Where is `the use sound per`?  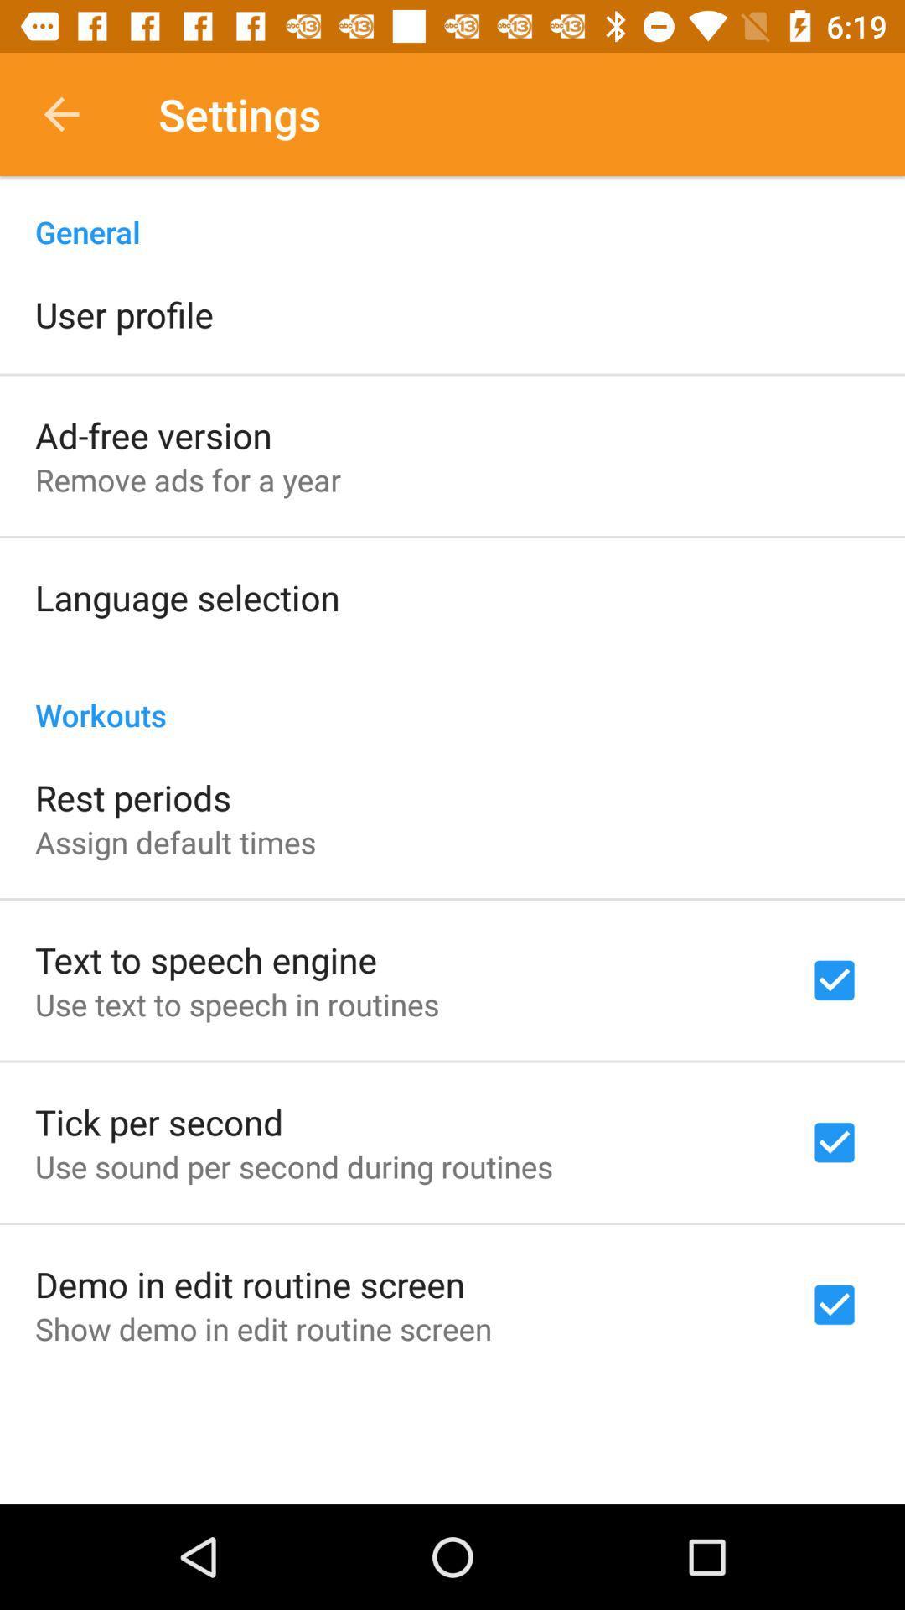
the use sound per is located at coordinates (293, 1166).